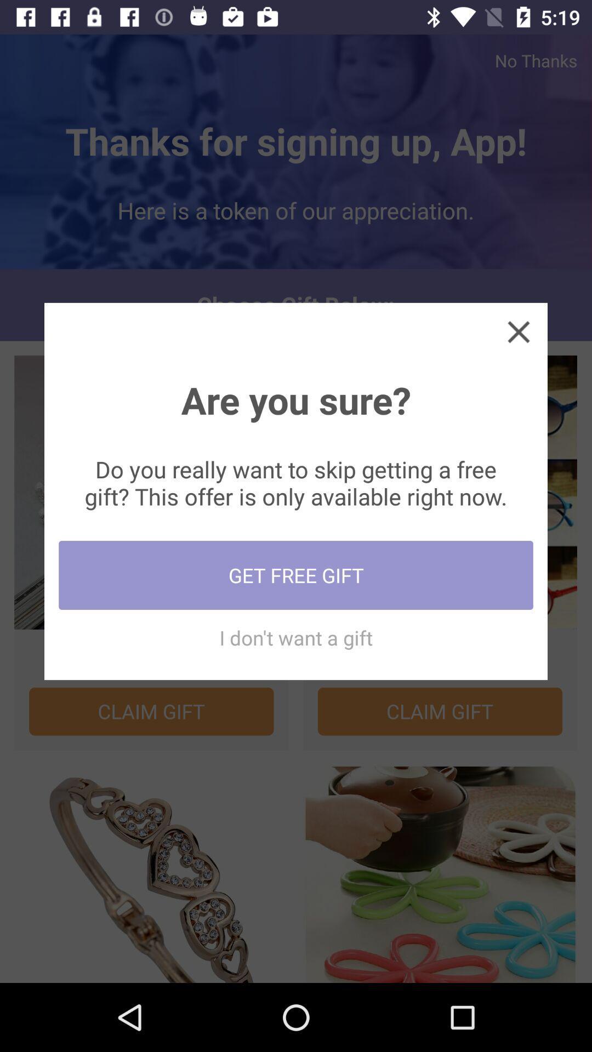 The image size is (592, 1052). Describe the element at coordinates (296, 637) in the screenshot. I see `i don t` at that location.